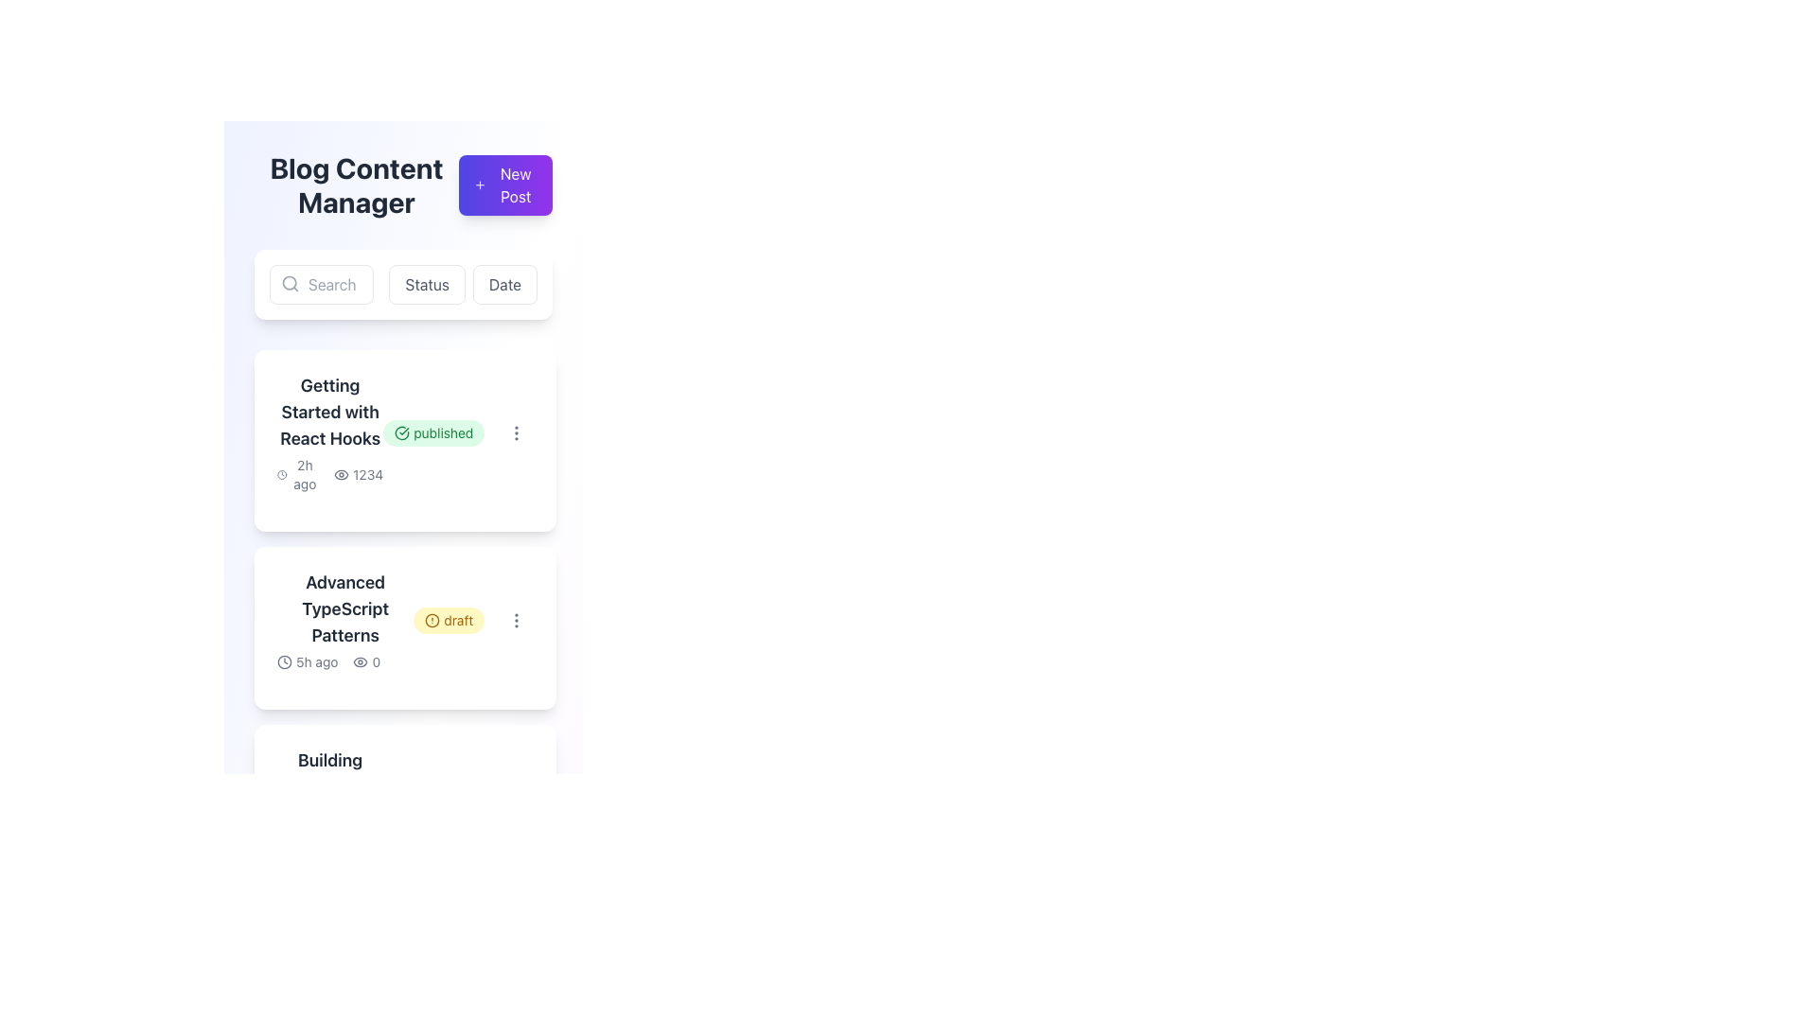 The image size is (1817, 1022). I want to click on the SVG Icon positioned to the left of the text '1234' in the first content card under the title 'Getting Started with React Hooks', so click(342, 473).